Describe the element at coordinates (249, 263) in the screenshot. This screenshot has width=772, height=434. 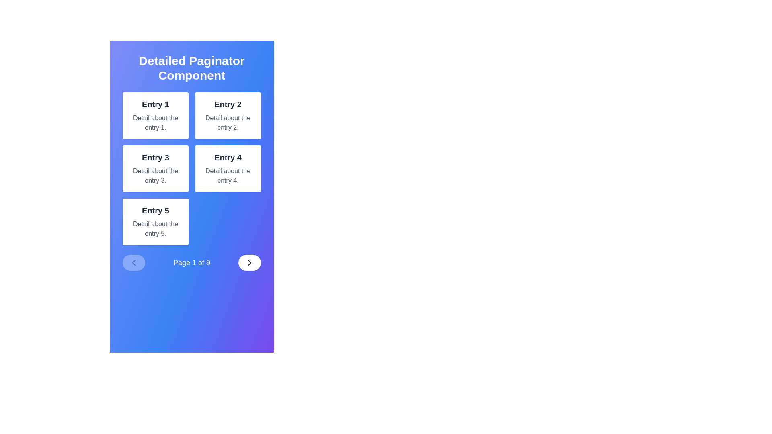
I see `the button styled with a white, rounded rectangle shape containing a rightward-pointing chevron icon to activate hover effects` at that location.